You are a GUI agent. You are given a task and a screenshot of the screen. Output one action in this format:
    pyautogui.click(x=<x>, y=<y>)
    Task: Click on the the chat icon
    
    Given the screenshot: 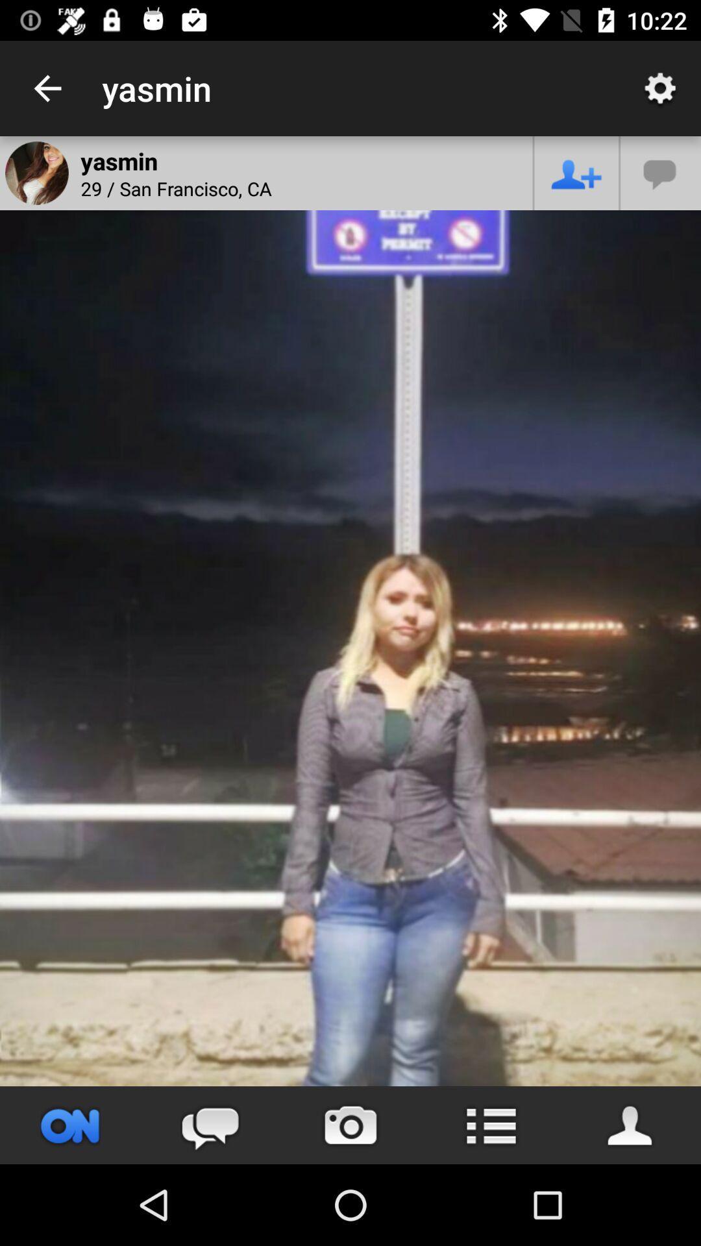 What is the action you would take?
    pyautogui.click(x=661, y=172)
    